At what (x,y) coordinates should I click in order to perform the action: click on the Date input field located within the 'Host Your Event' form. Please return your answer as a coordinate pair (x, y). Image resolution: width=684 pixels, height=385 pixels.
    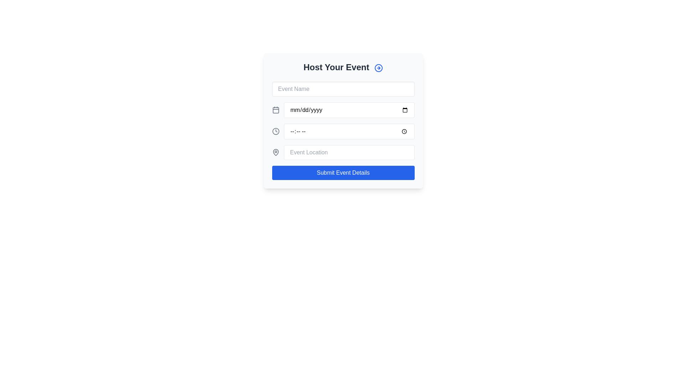
    Looking at the image, I should click on (349, 110).